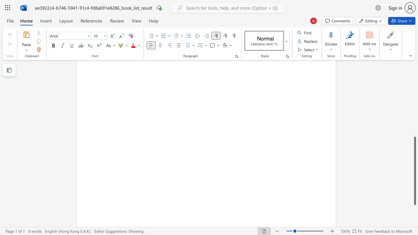 This screenshot has width=418, height=235. What do you see at coordinates (414, 81) in the screenshot?
I see `the scrollbar to adjust the page upward` at bounding box center [414, 81].